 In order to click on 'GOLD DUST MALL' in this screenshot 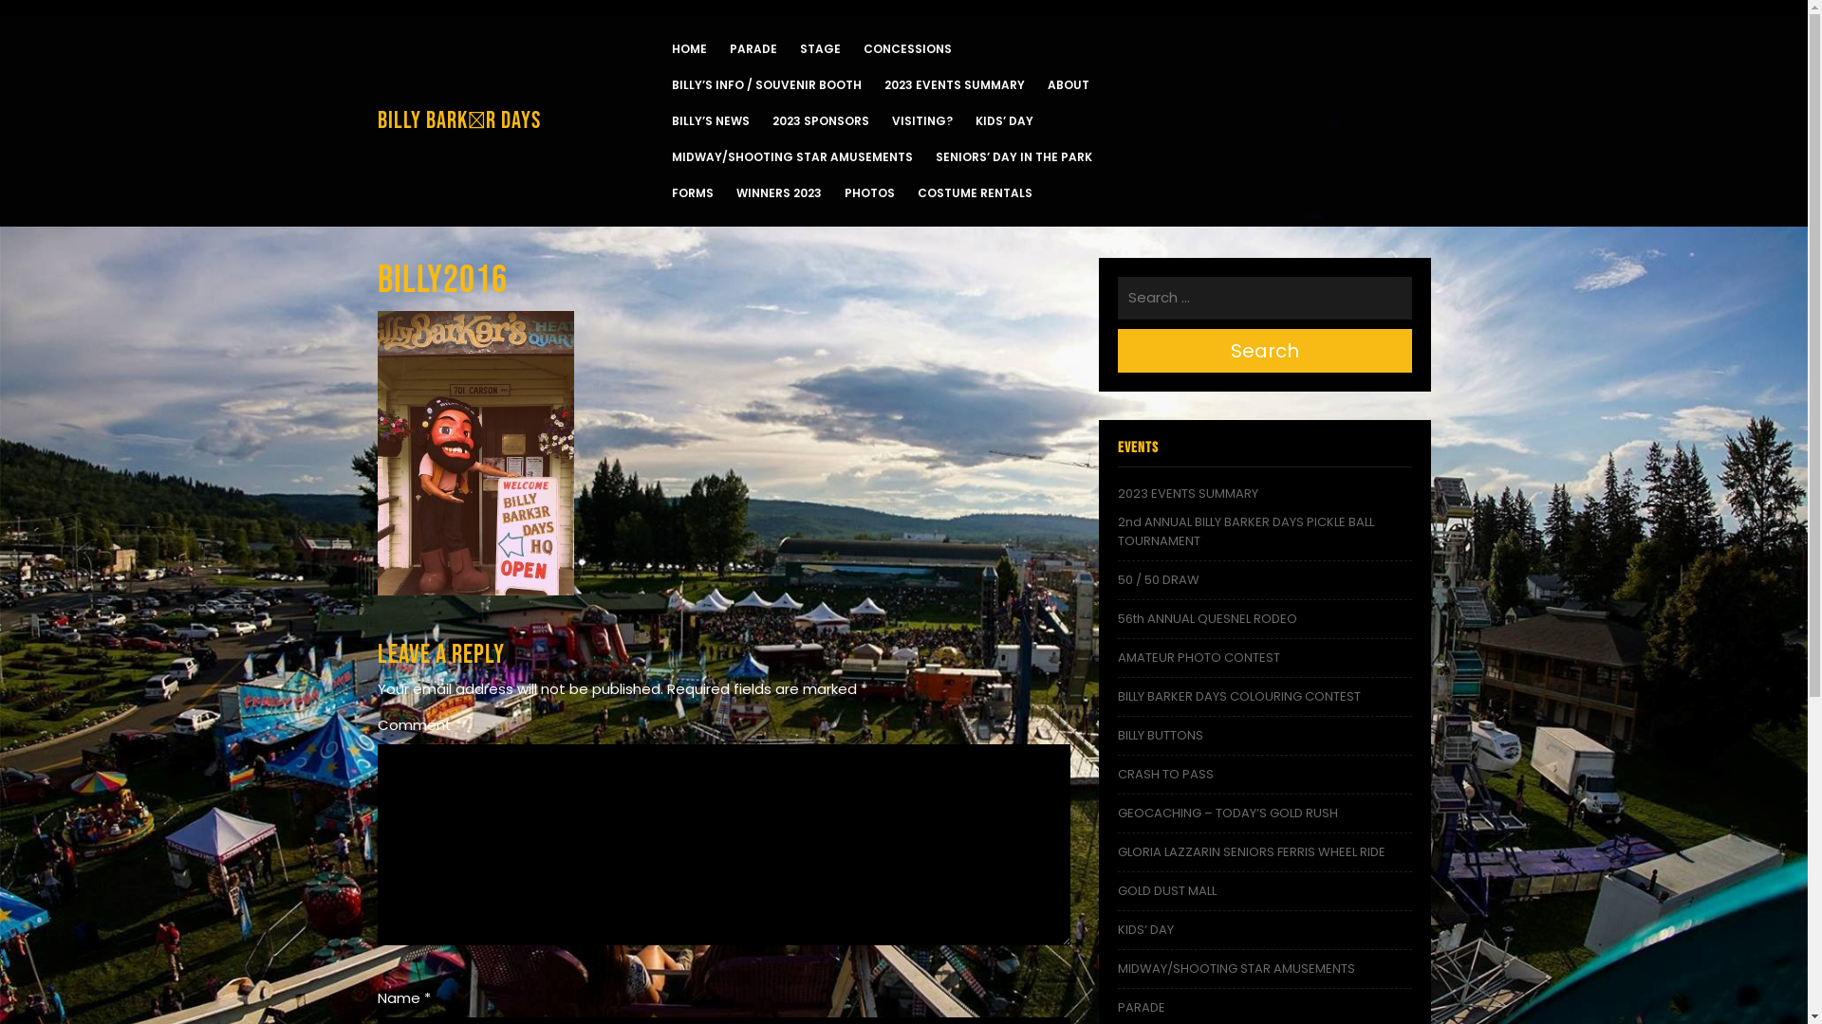, I will do `click(1165, 890)`.